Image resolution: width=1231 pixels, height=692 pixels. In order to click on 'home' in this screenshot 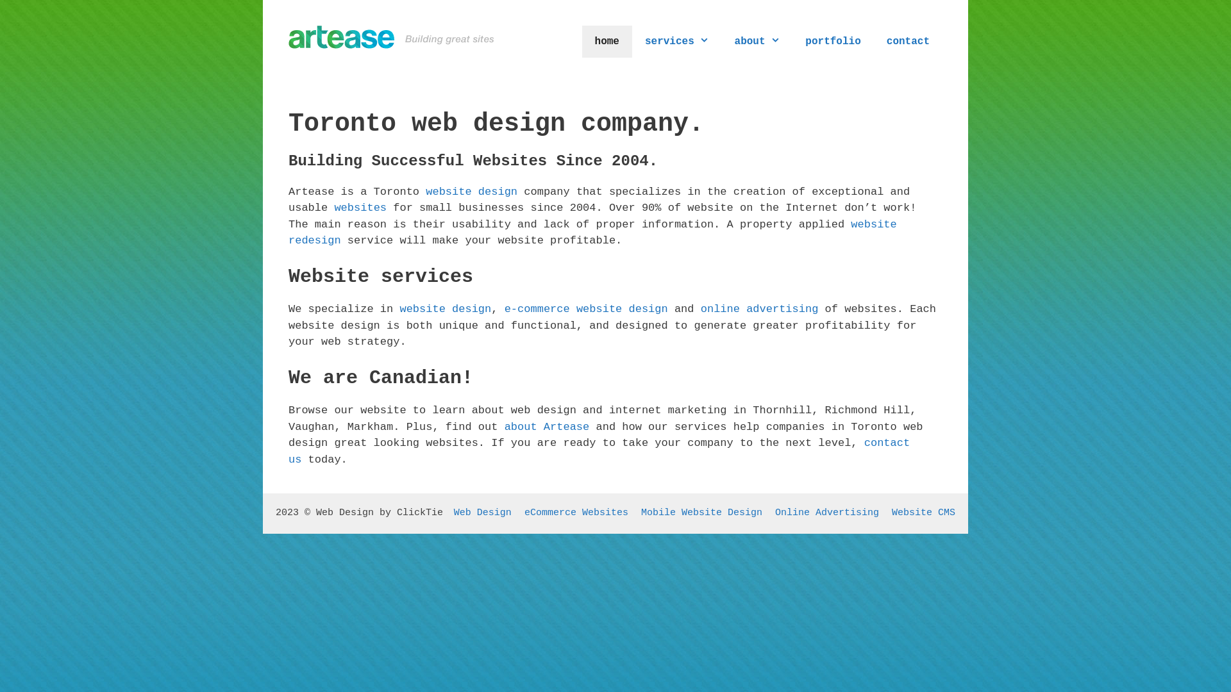, I will do `click(581, 41)`.